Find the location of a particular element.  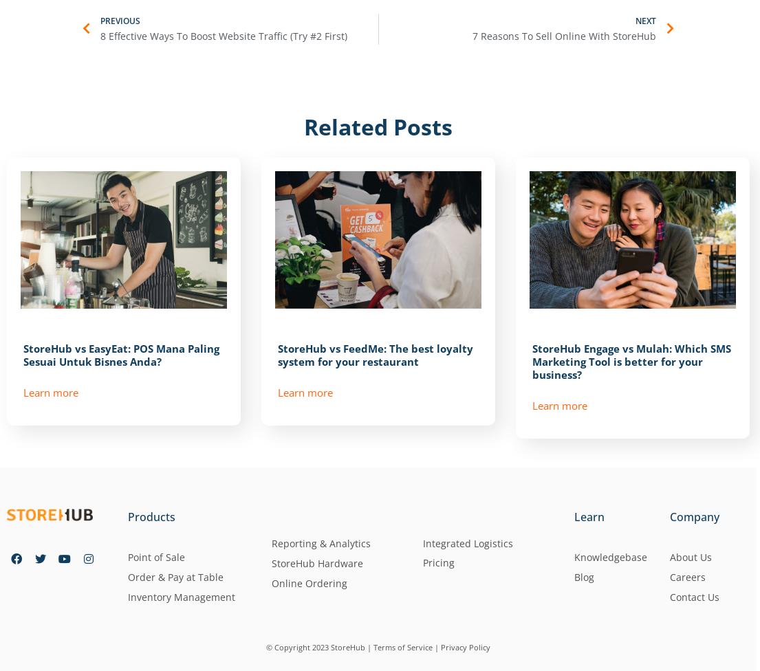

'Pricing' is located at coordinates (439, 562).